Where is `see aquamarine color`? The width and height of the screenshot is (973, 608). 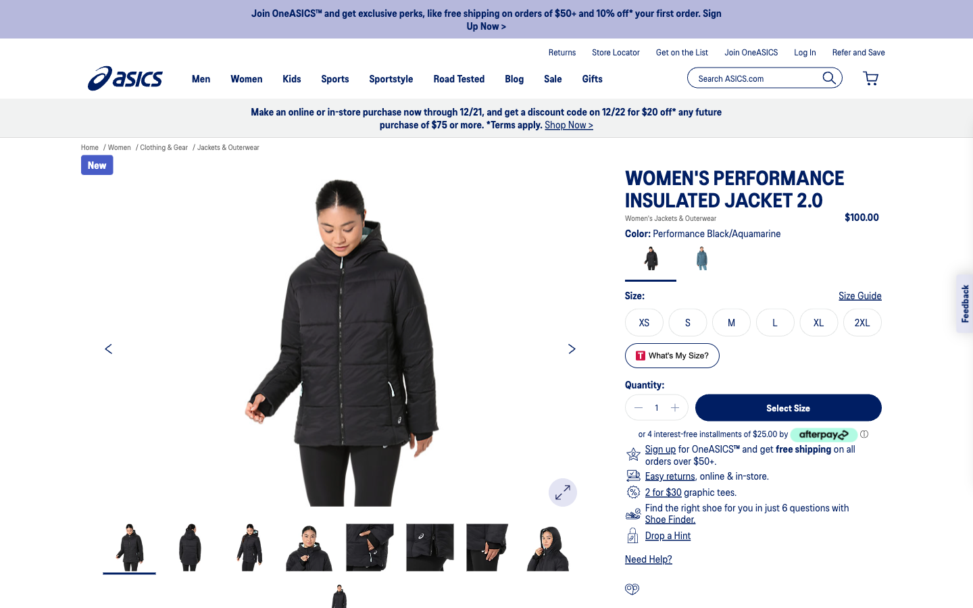
see aquamarine color is located at coordinates (701, 261).